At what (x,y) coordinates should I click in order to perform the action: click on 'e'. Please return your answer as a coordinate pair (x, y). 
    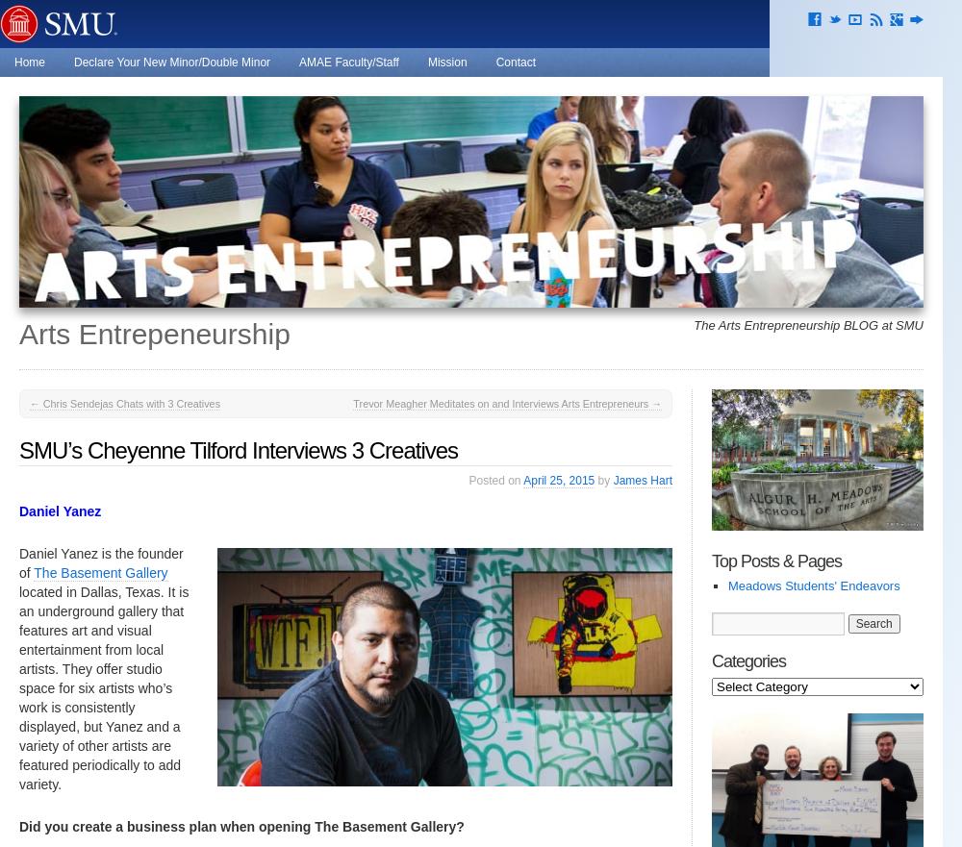
    Looking at the image, I should click on (834, 18).